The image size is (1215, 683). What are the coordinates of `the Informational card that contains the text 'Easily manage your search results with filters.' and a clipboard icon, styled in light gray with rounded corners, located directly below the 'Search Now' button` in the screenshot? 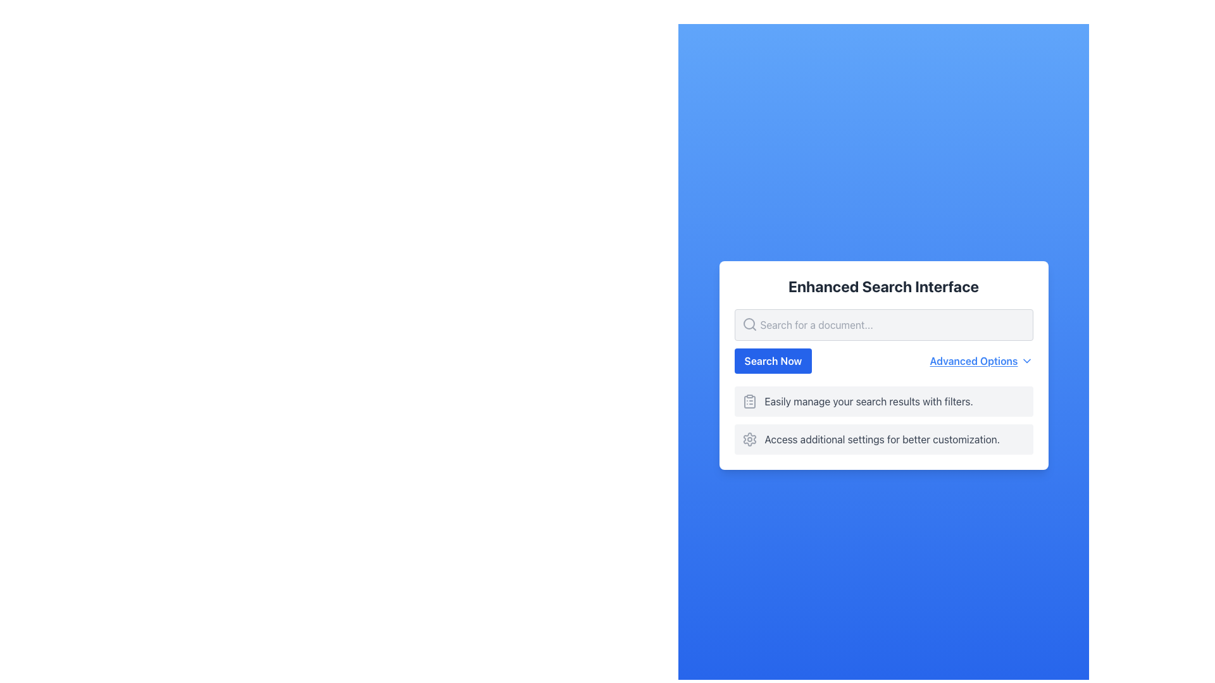 It's located at (883, 402).